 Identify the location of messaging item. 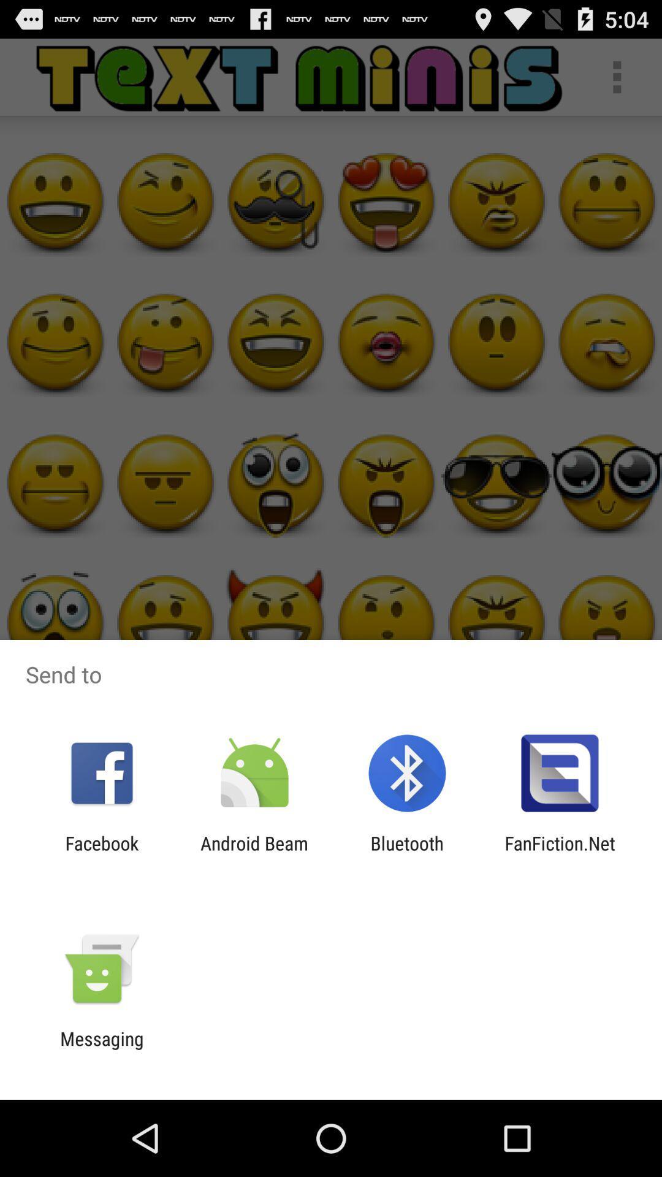
(101, 1049).